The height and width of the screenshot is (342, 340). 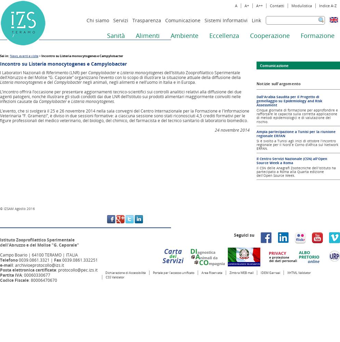 What do you see at coordinates (184, 35) in the screenshot?
I see `'Ambiente'` at bounding box center [184, 35].